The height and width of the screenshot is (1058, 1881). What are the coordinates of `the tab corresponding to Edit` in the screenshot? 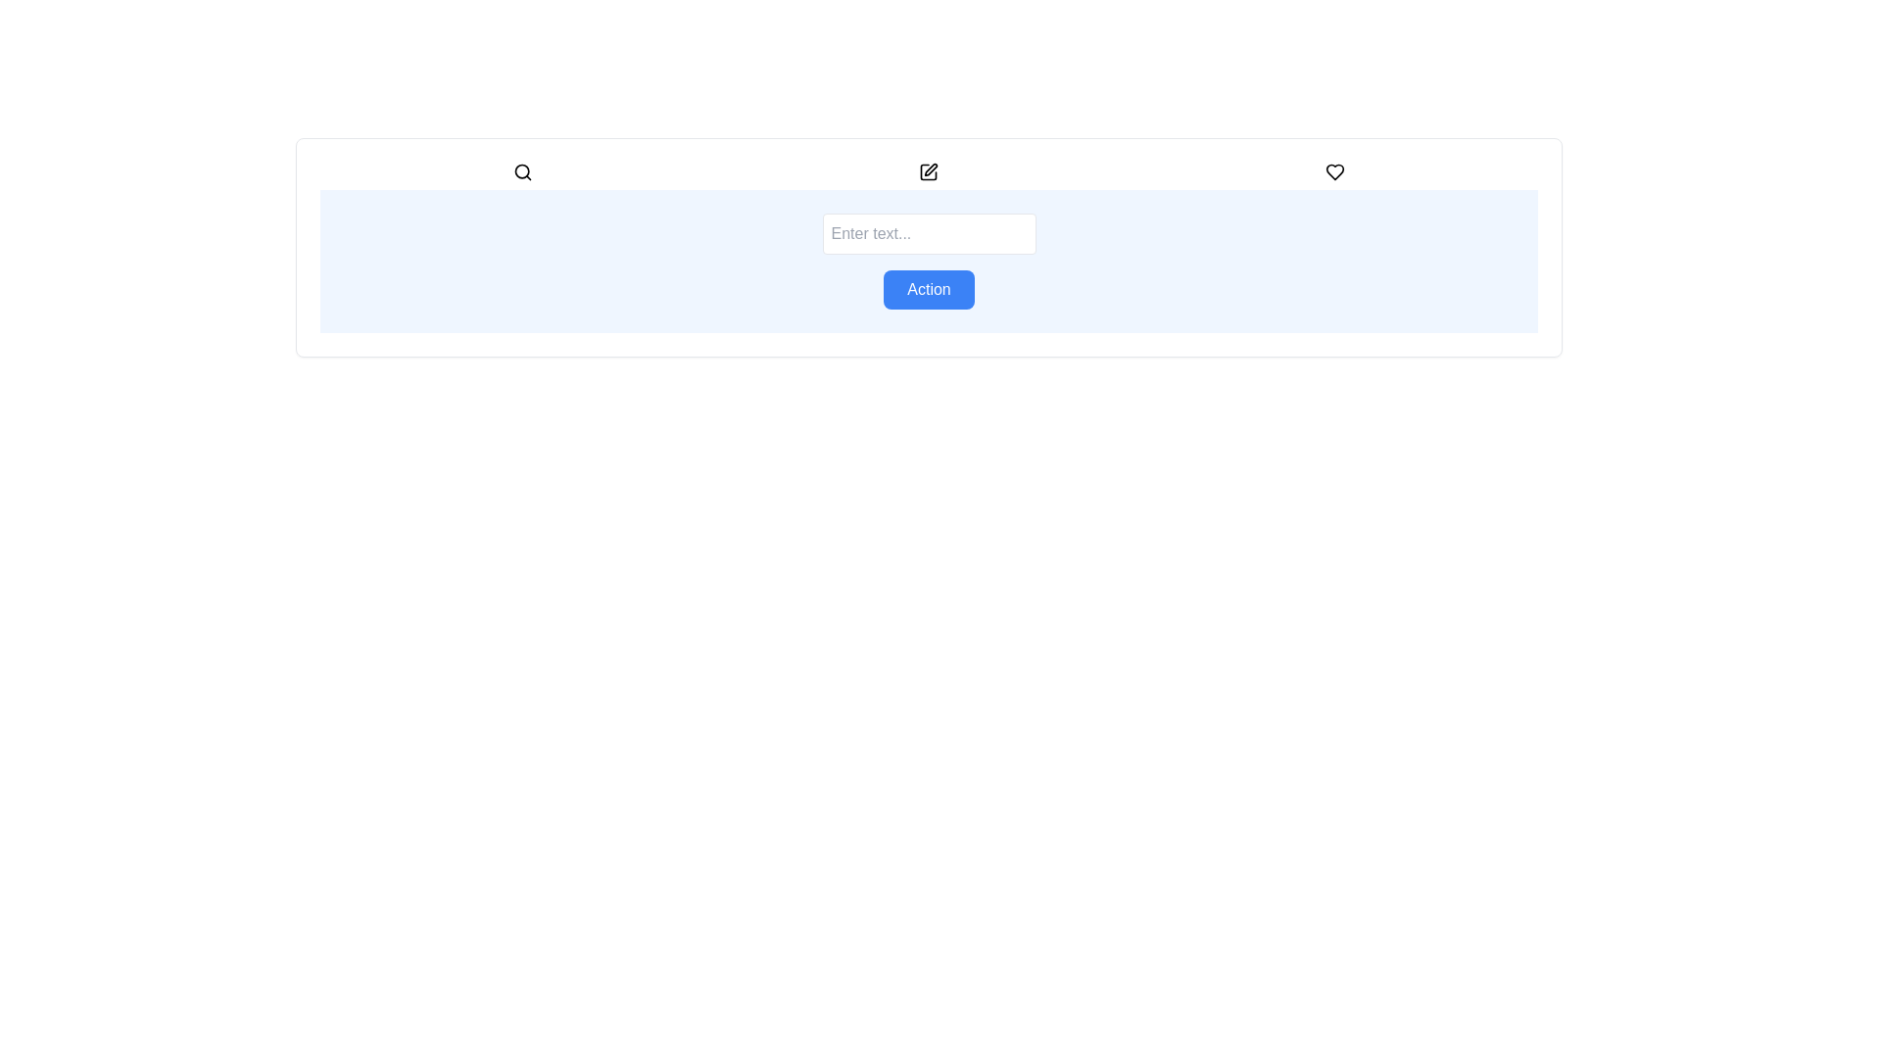 It's located at (928, 171).